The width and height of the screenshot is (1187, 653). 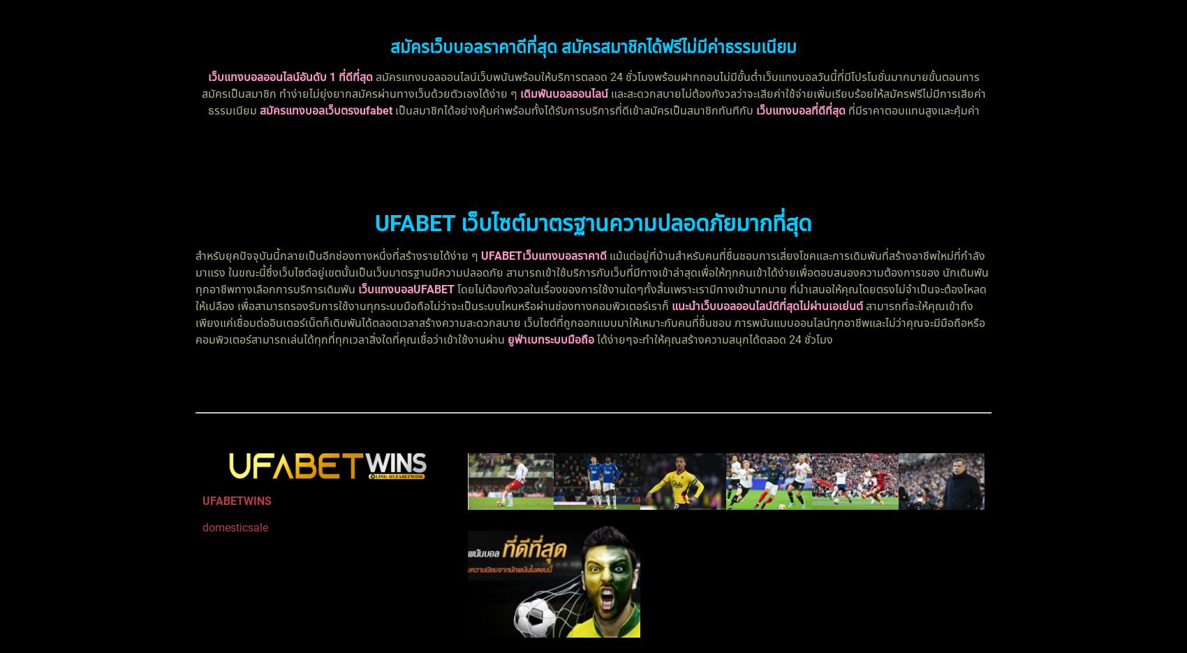 I want to click on 'UFABETเว็บแทงบอลราคาดี', so click(x=481, y=255).